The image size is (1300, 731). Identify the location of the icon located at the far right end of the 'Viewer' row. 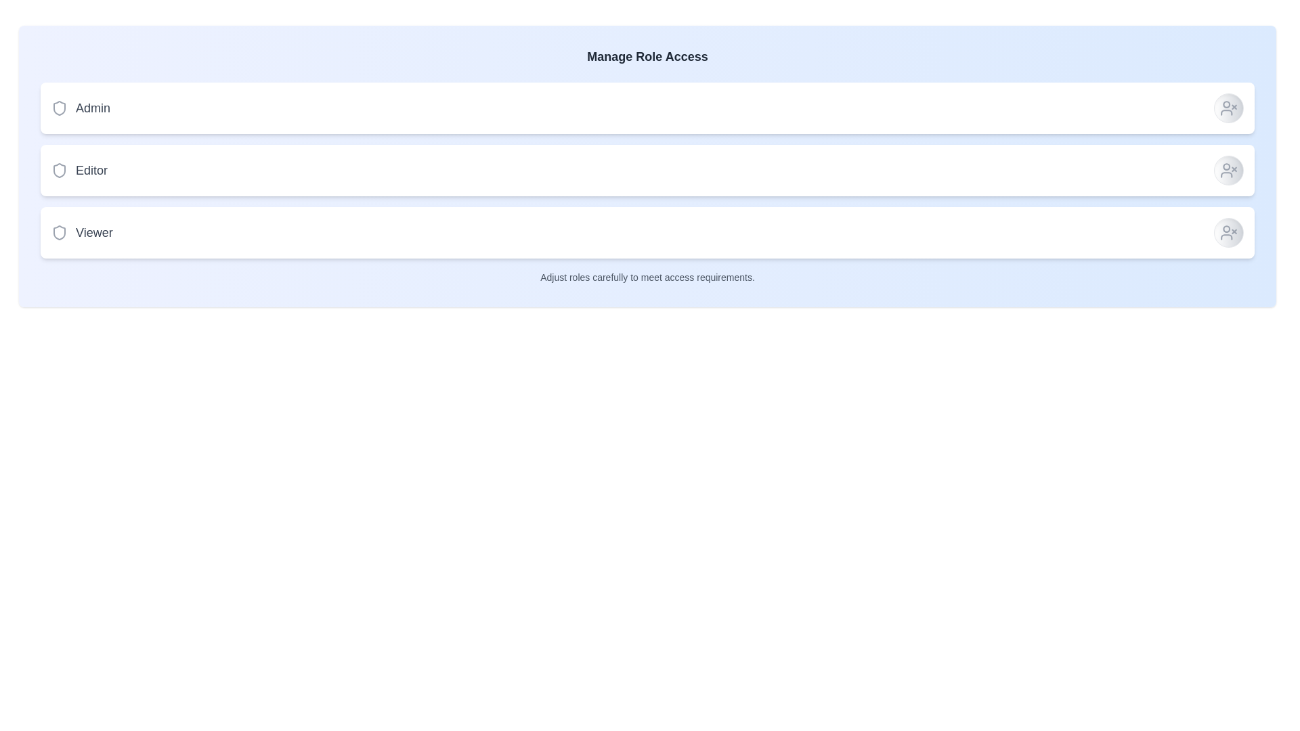
(1228, 231).